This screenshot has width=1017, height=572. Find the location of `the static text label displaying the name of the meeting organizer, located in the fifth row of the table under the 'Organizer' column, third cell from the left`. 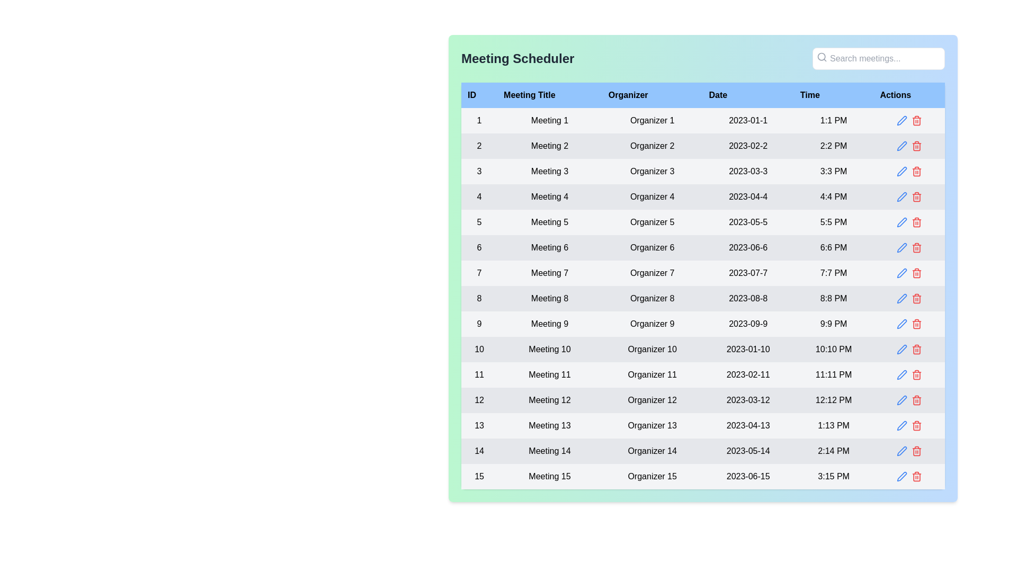

the static text label displaying the name of the meeting organizer, located in the fifth row of the table under the 'Organizer' column, third cell from the left is located at coordinates (652, 222).